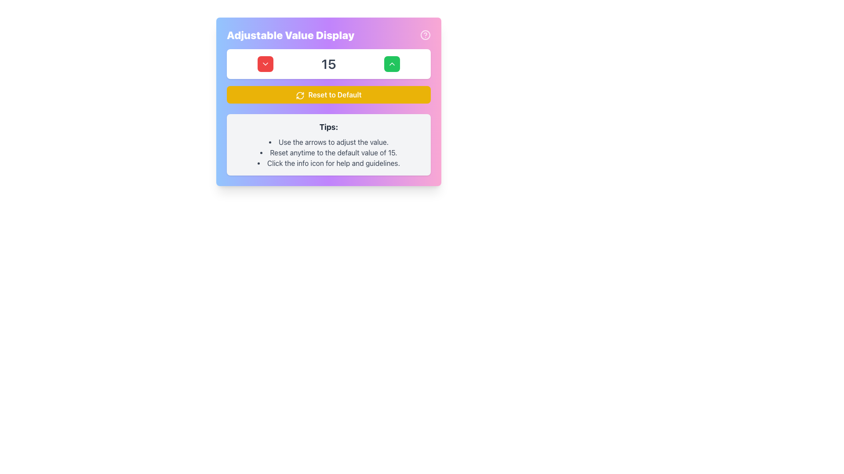 This screenshot has width=844, height=474. I want to click on the increment icon within the green circular button located to the right above the central numeric value (15), so click(391, 64).